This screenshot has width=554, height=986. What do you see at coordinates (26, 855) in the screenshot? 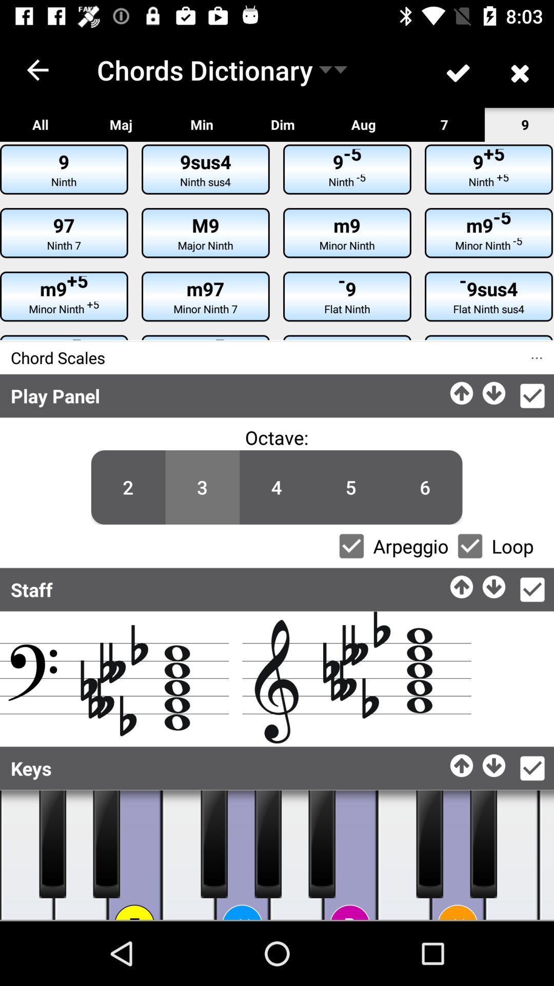
I see `music board key` at bounding box center [26, 855].